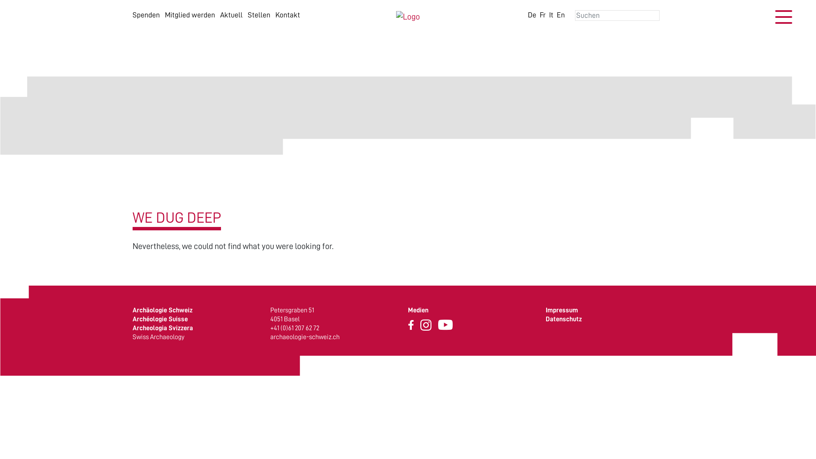 This screenshot has width=816, height=459. What do you see at coordinates (561, 310) in the screenshot?
I see `'Impressum'` at bounding box center [561, 310].